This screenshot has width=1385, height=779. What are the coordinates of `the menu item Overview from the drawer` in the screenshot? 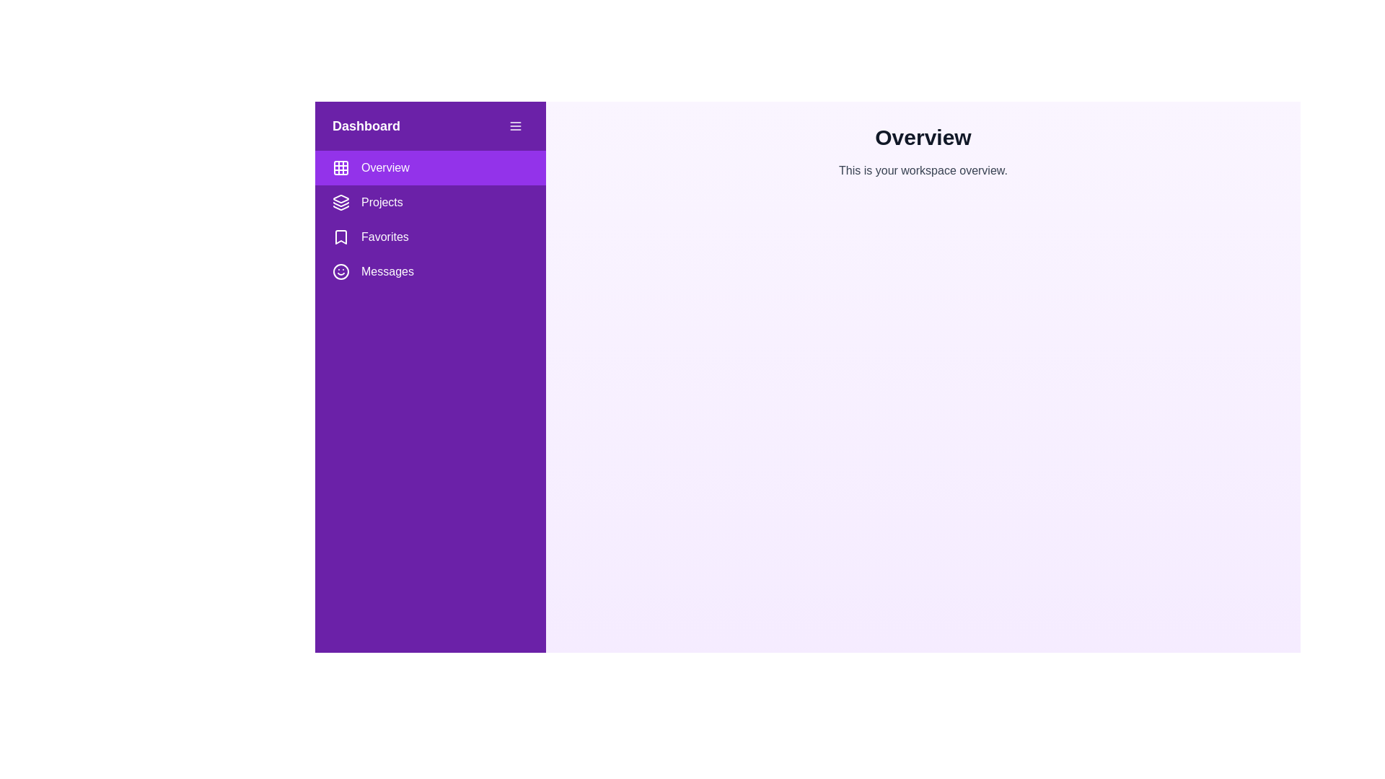 It's located at (429, 167).